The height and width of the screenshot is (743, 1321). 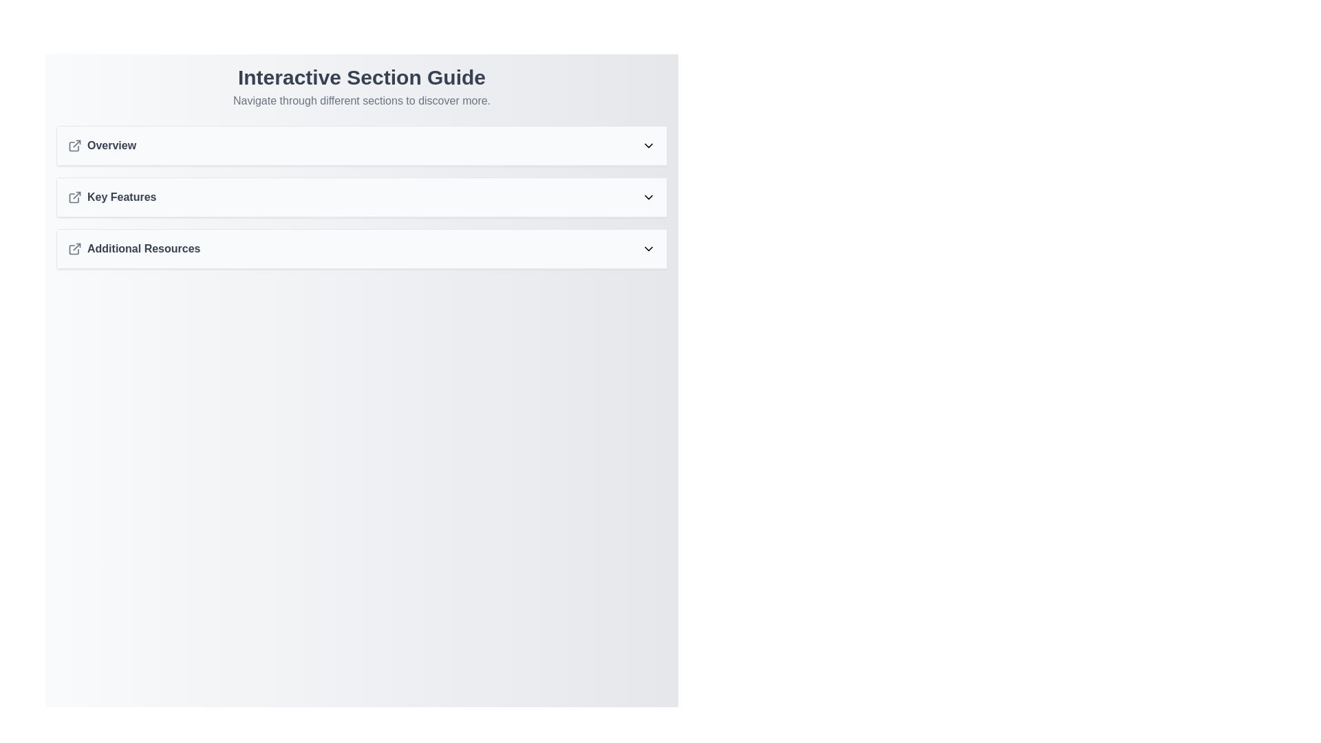 What do you see at coordinates (122, 197) in the screenshot?
I see `text label located in the middle of a vertical stack between 'Overview' and 'Additional Resources', serving as a section title or menu item` at bounding box center [122, 197].